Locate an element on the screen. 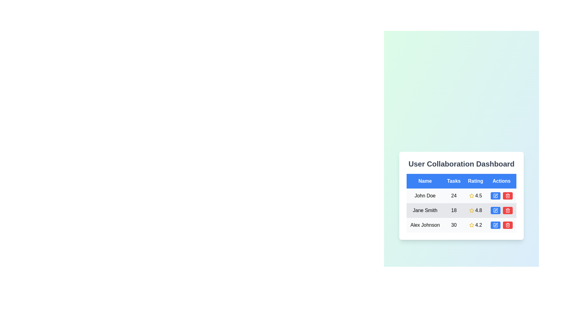  the second star-shaped icon with a yellow fill, located in the 'Rating' column next to Jane Smith's rating value (4.8) is located at coordinates (471, 210).